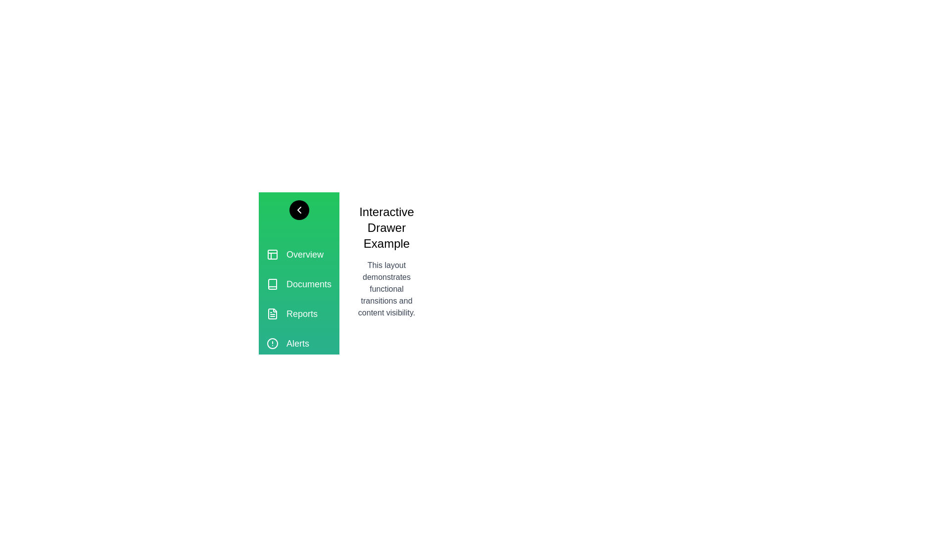 This screenshot has width=950, height=534. What do you see at coordinates (298, 284) in the screenshot?
I see `the section Documents to observe the hover effect` at bounding box center [298, 284].